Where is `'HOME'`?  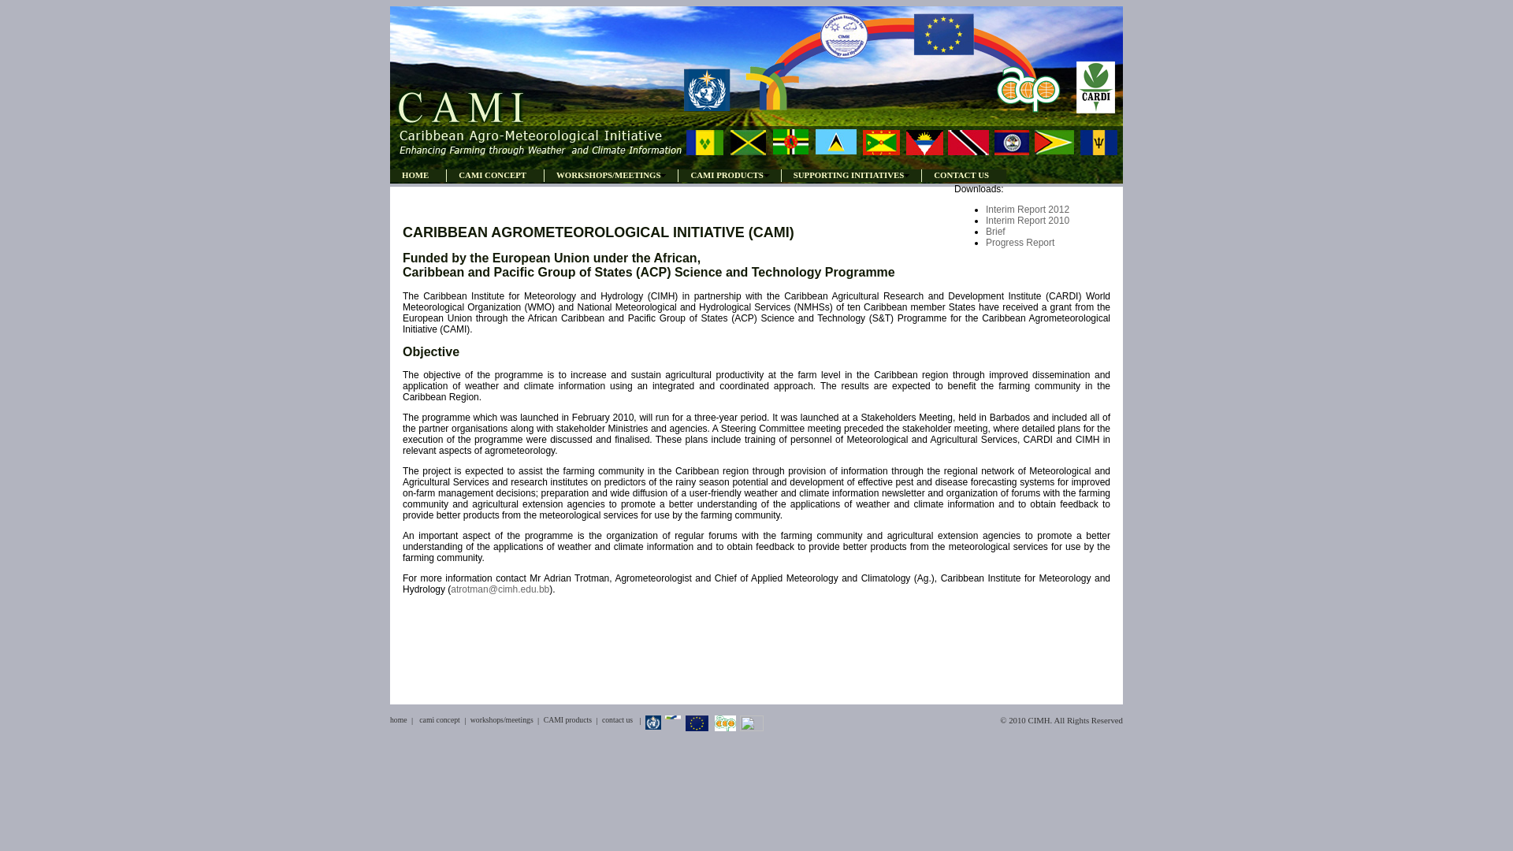 'HOME' is located at coordinates (389, 175).